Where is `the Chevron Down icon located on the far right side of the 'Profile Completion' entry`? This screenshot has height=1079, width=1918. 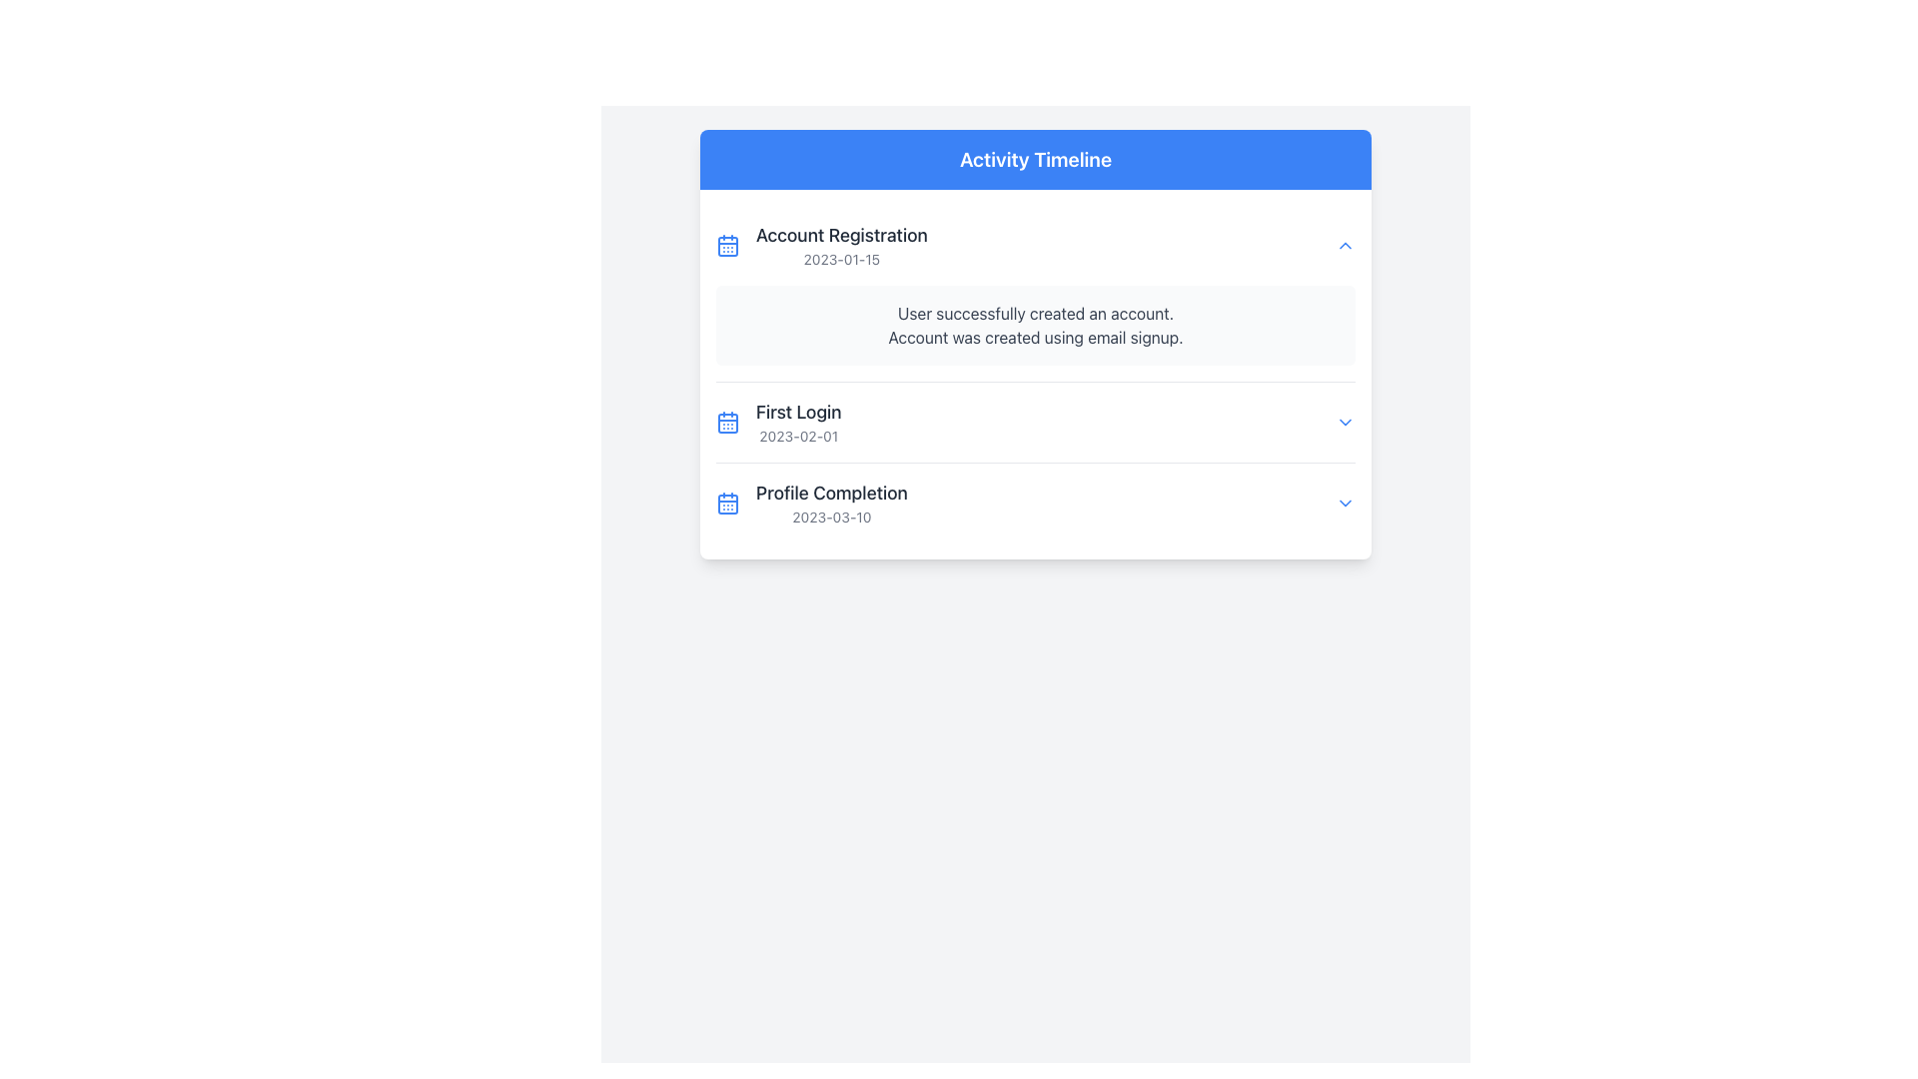
the Chevron Down icon located on the far right side of the 'Profile Completion' entry is located at coordinates (1346, 503).